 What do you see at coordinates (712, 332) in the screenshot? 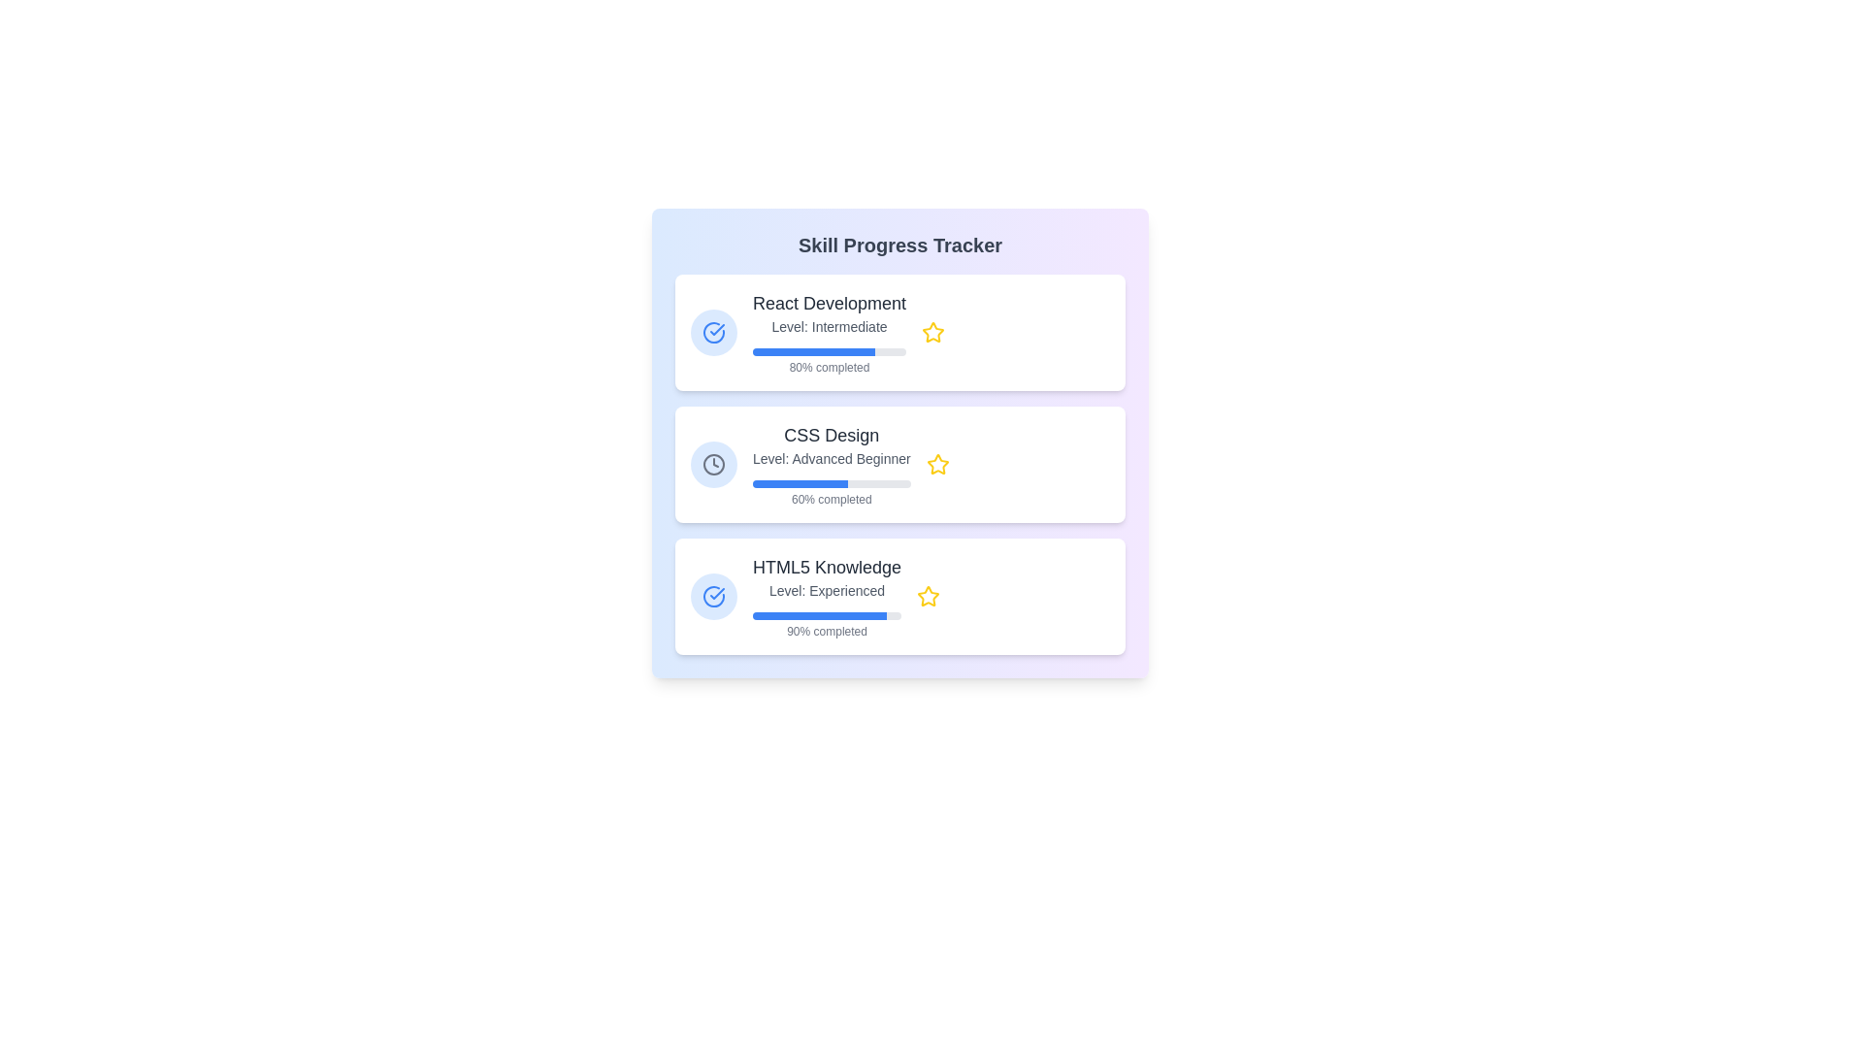
I see `the blue circular icon with a white checkmark located to the left of the 'React Development' text in the first item of the vertical list` at bounding box center [712, 332].